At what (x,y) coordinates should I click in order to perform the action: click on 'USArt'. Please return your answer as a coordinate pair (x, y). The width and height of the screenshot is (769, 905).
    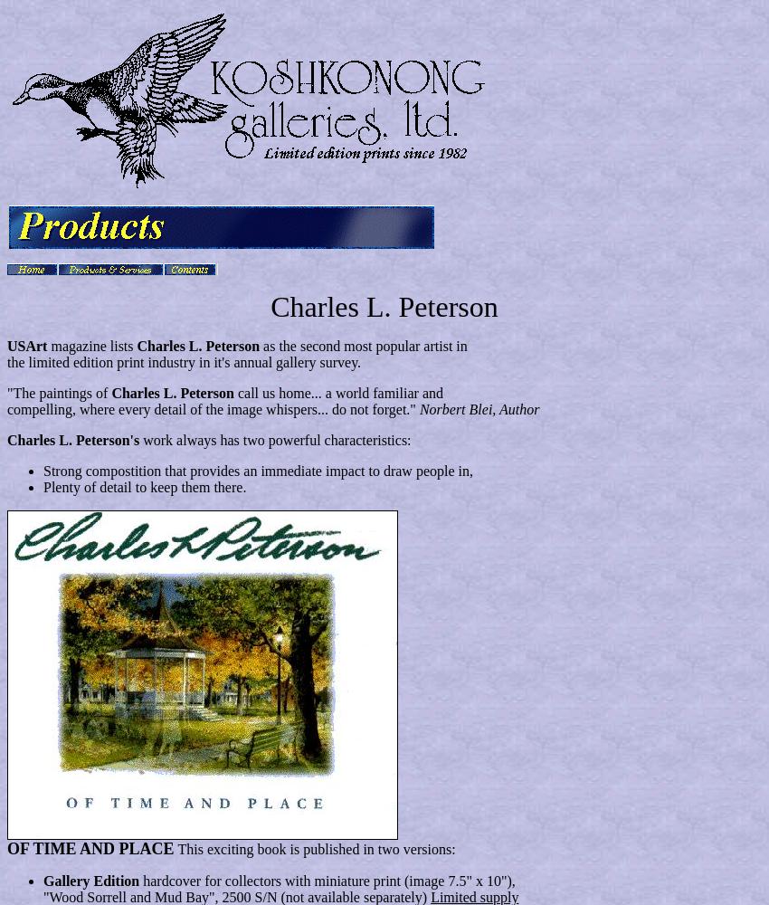
    Looking at the image, I should click on (26, 346).